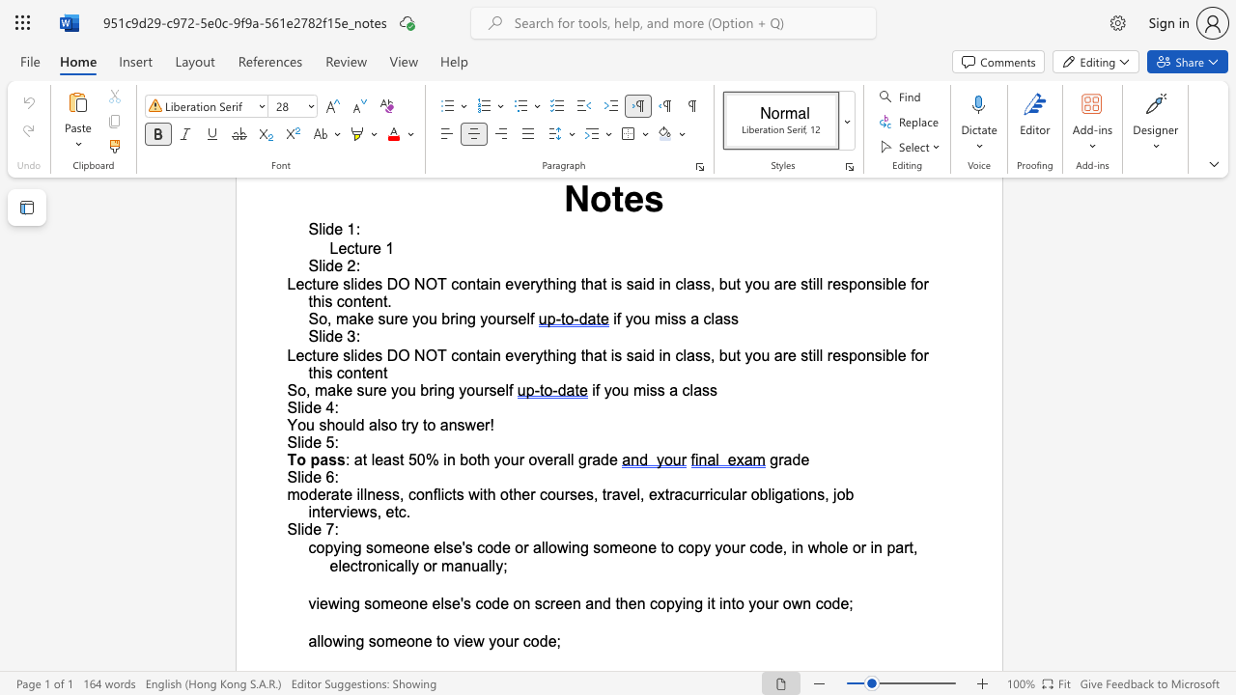  I want to click on the subset text "ing that is s" within the text "everything that is said in class, but you are still responsible for this content.", so click(554, 284).